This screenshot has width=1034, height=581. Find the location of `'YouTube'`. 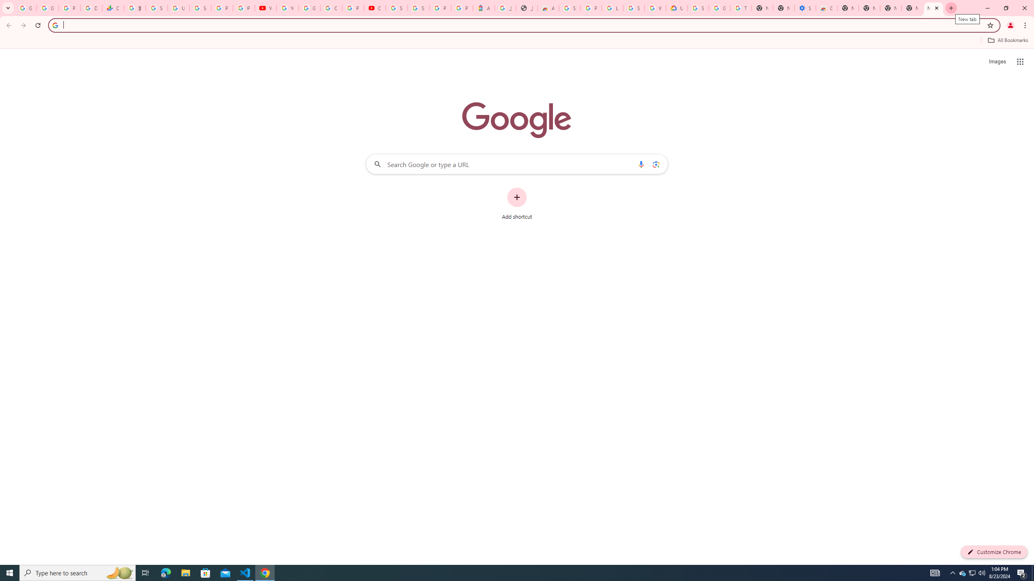

'YouTube' is located at coordinates (265, 8).